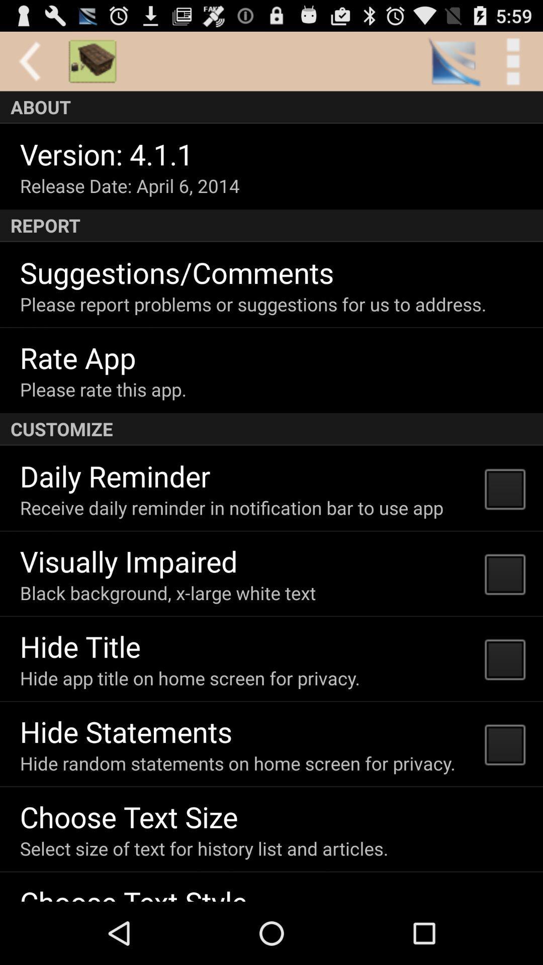  Describe the element at coordinates (513, 61) in the screenshot. I see `the app above the about item` at that location.